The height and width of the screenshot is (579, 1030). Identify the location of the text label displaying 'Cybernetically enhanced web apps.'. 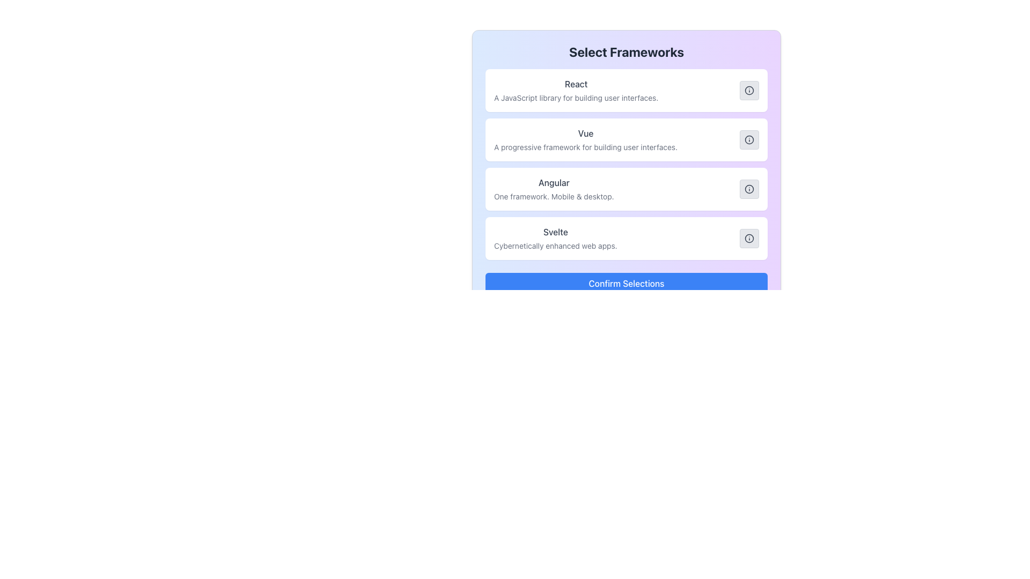
(555, 246).